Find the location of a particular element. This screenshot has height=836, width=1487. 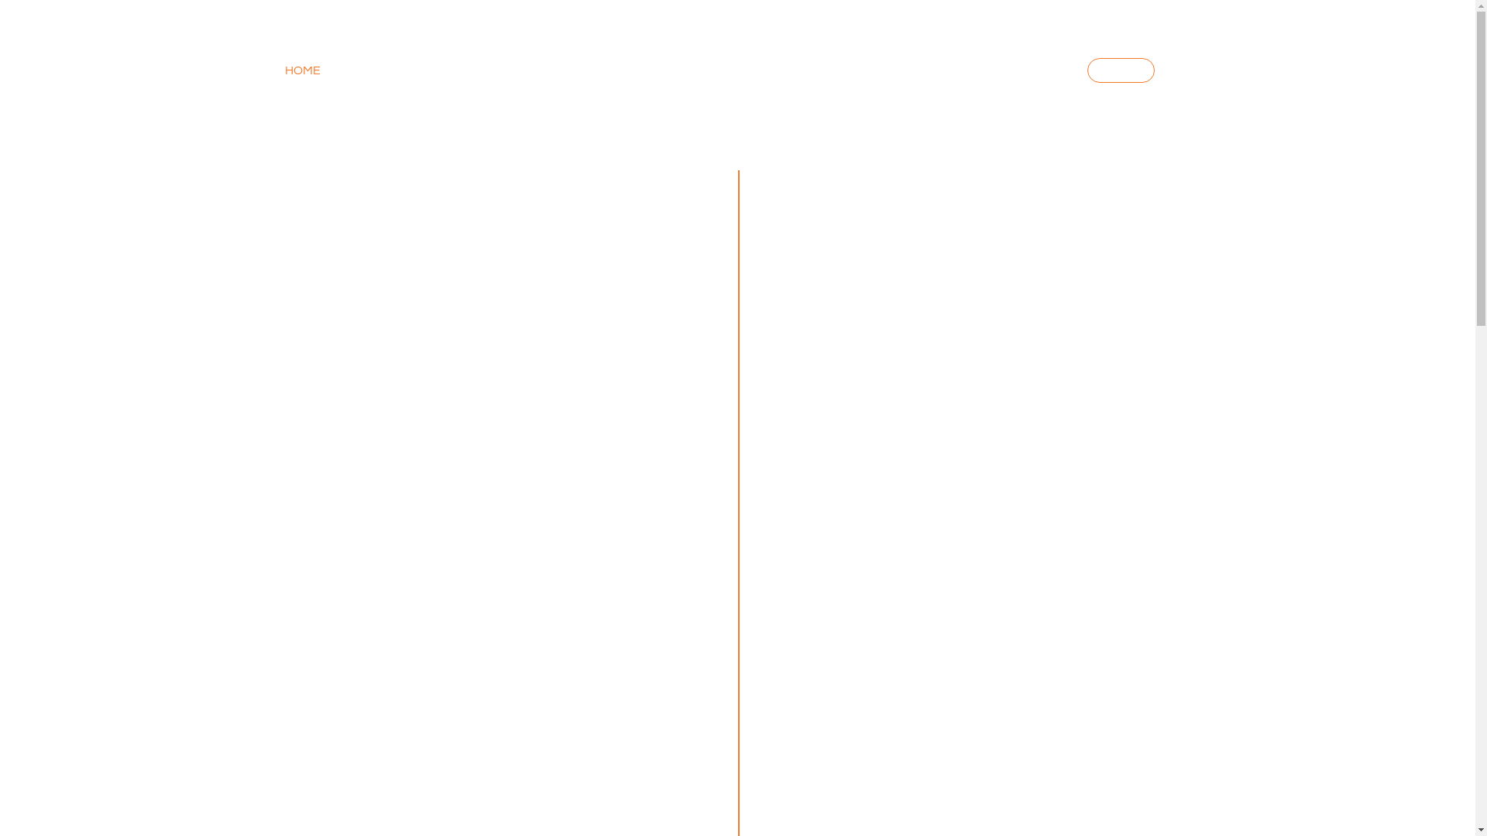

'ONS AANBOD' is located at coordinates (351, 70).